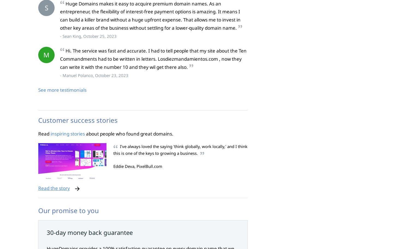 Image resolution: width=396 pixels, height=249 pixels. What do you see at coordinates (153, 59) in the screenshot?
I see `'Hi. The service was fast and accurate.
I had to tell people that my site about the Ten Commandments had to be written in letters. Losdiezmandamientos.com , now they can write it with the number 10 and they wil get there also.'` at bounding box center [153, 59].